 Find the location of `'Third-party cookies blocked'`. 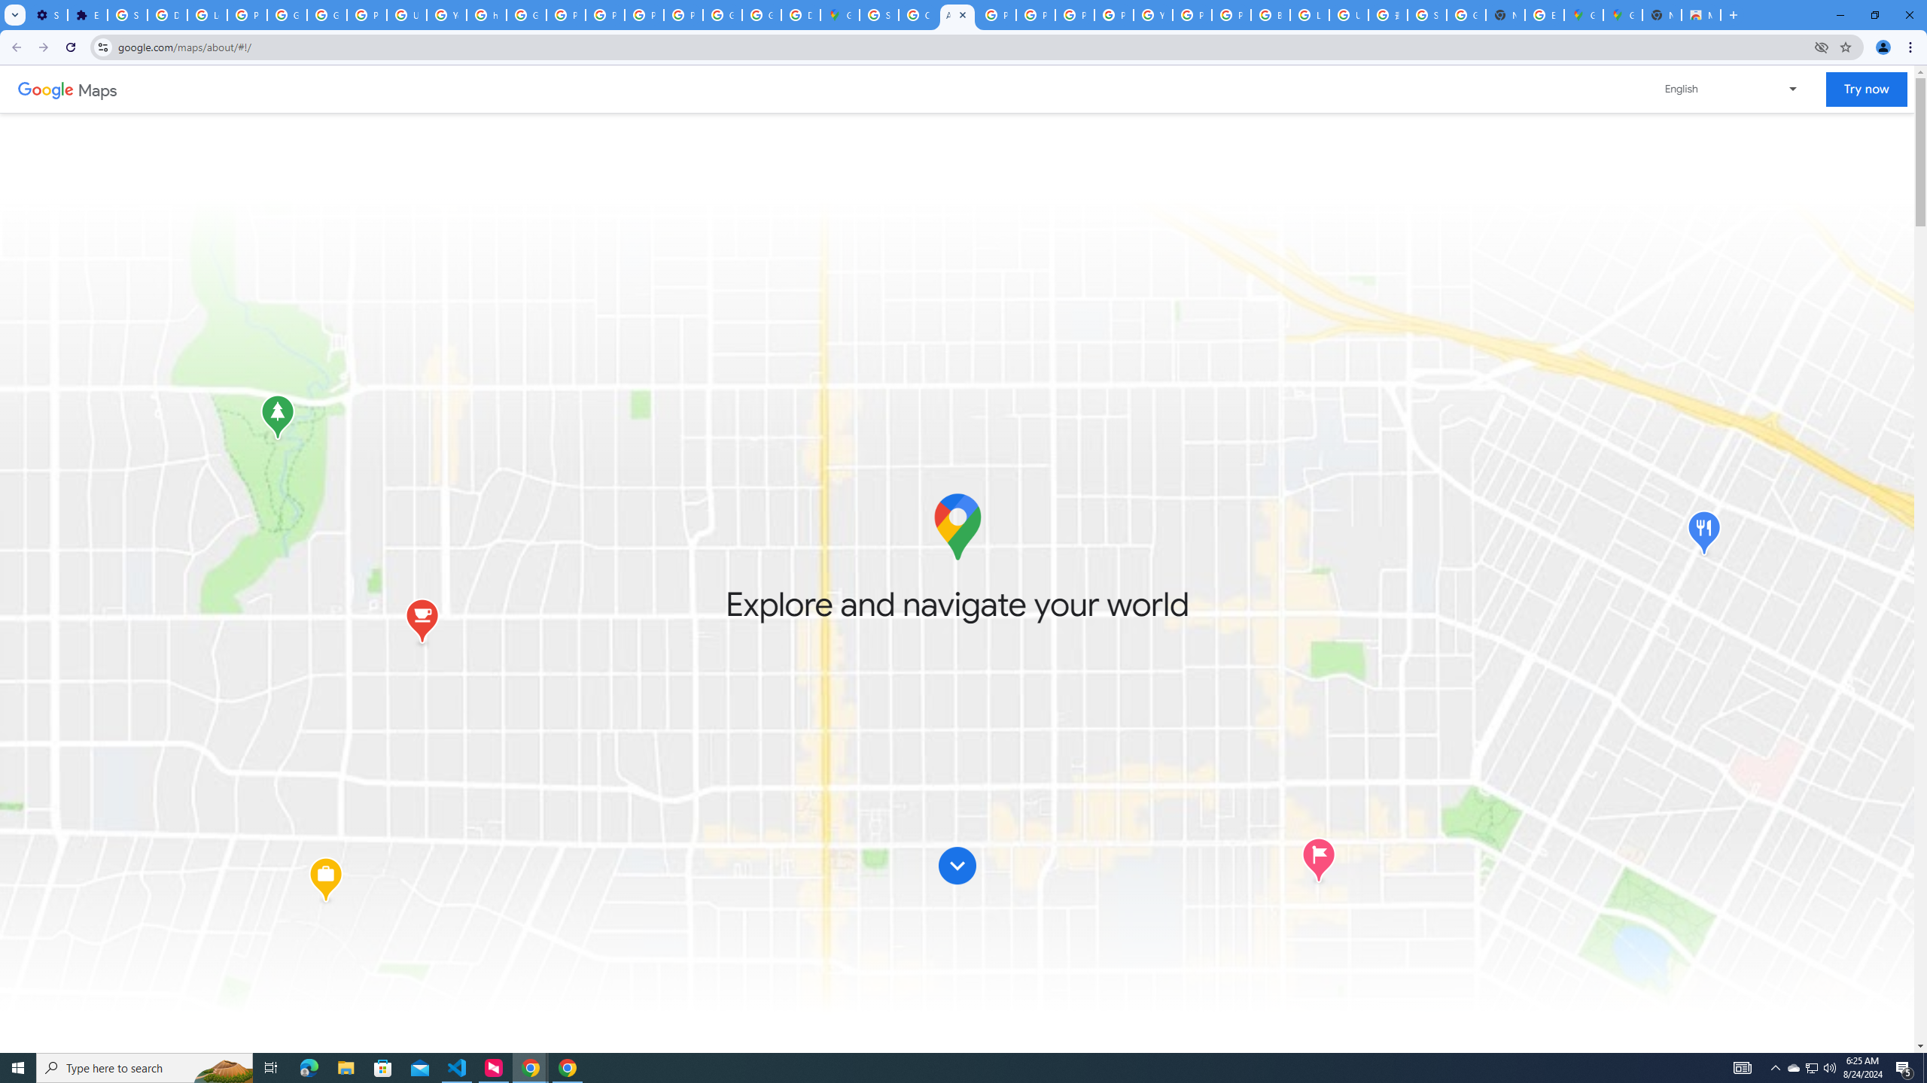

'Third-party cookies blocked' is located at coordinates (1822, 46).